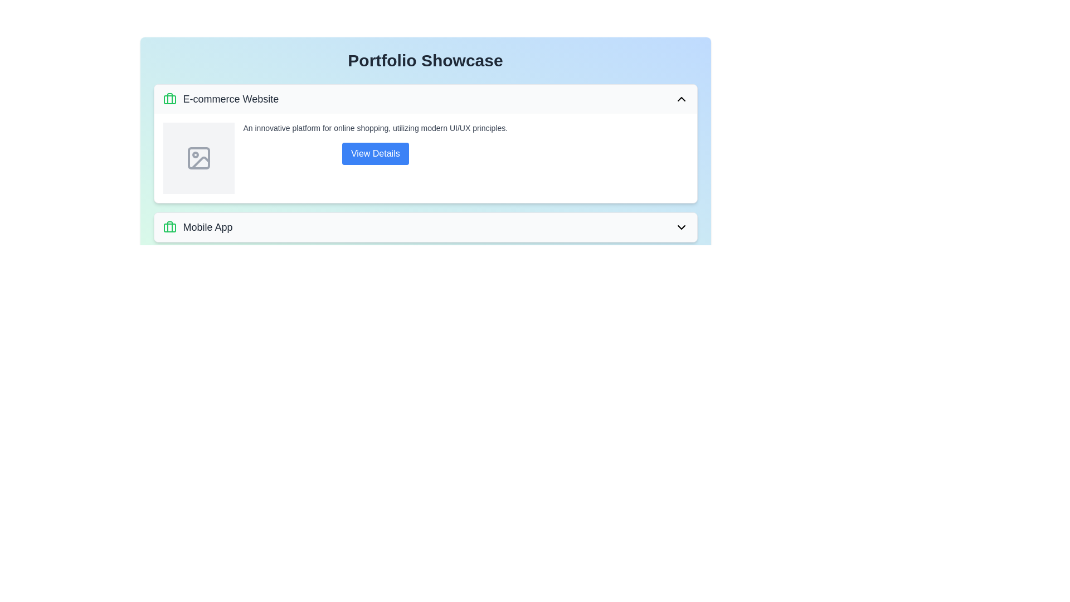 This screenshot has width=1070, height=602. Describe the element at coordinates (169, 98) in the screenshot. I see `the icon that serves as a visual identifier for the 'E-commerce Website' section, located to the left of the text 'E-commerce Website.'` at that location.